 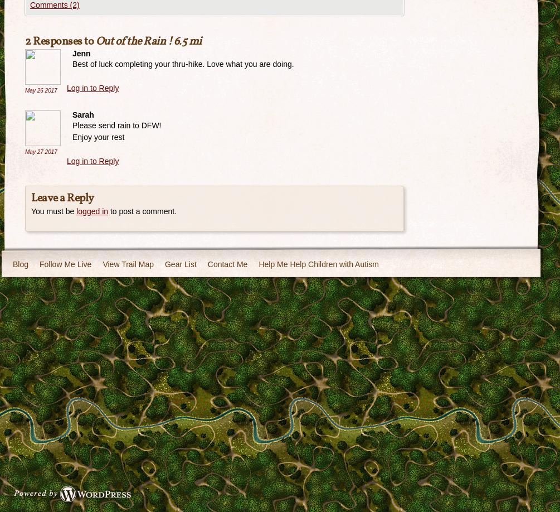 I want to click on 'Best of luck completing your thru-hike. Love what you are doing.', so click(x=182, y=64).